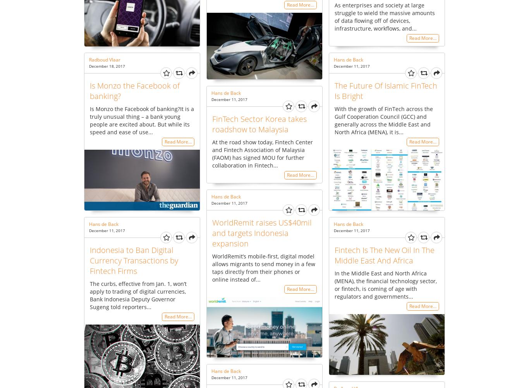  What do you see at coordinates (212, 123) in the screenshot?
I see `'FinTech Sector Korea takes roadshow to Malaysia'` at bounding box center [212, 123].